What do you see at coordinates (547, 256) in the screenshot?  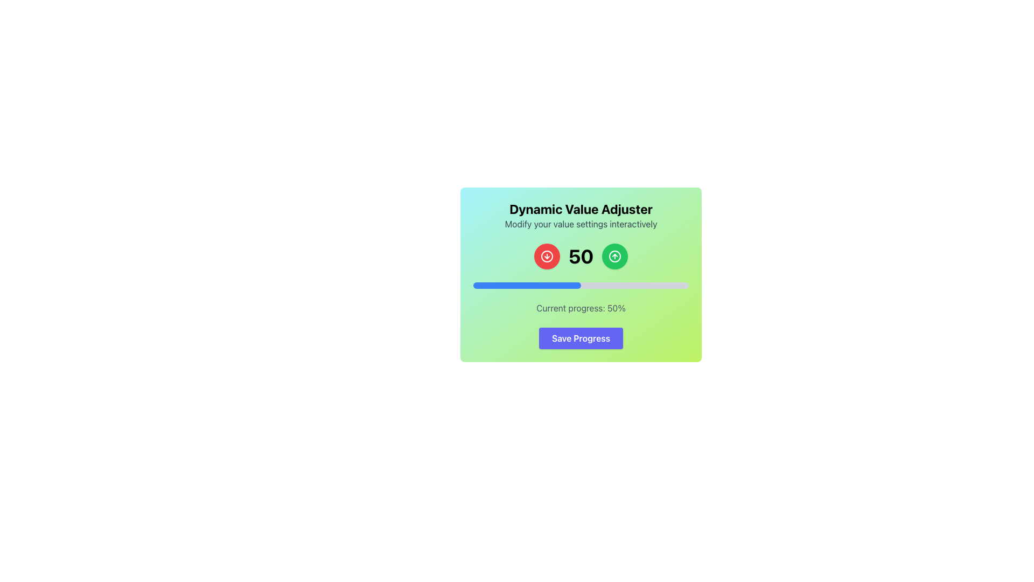 I see `the circular red icon with a downward arrow located within the red button to the left of the central numerical display '50' to decrement the value` at bounding box center [547, 256].